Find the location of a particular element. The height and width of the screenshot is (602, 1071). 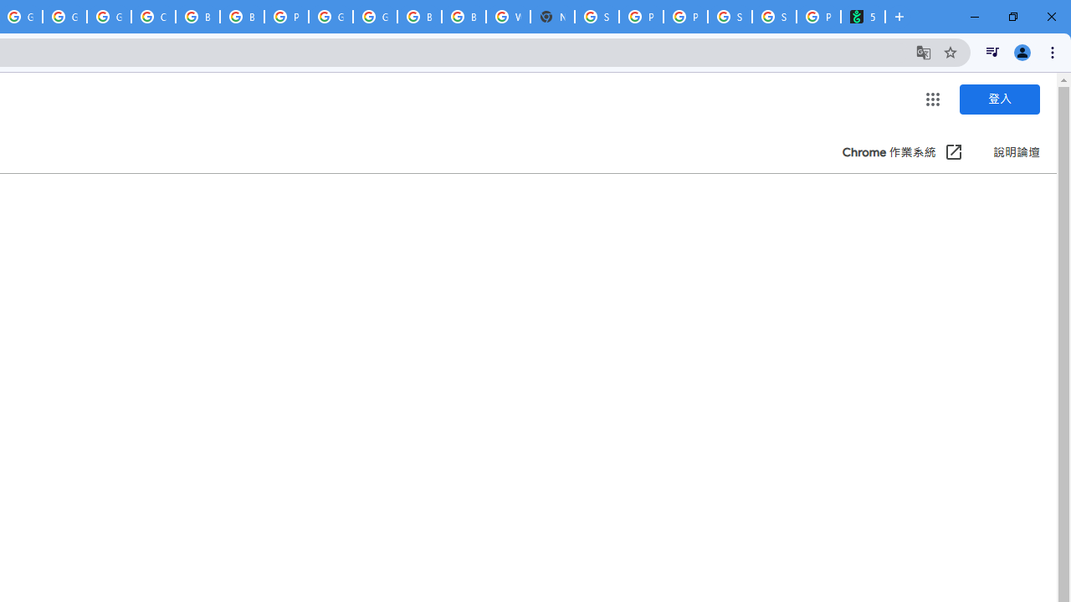

'Translate this page' is located at coordinates (923, 51).